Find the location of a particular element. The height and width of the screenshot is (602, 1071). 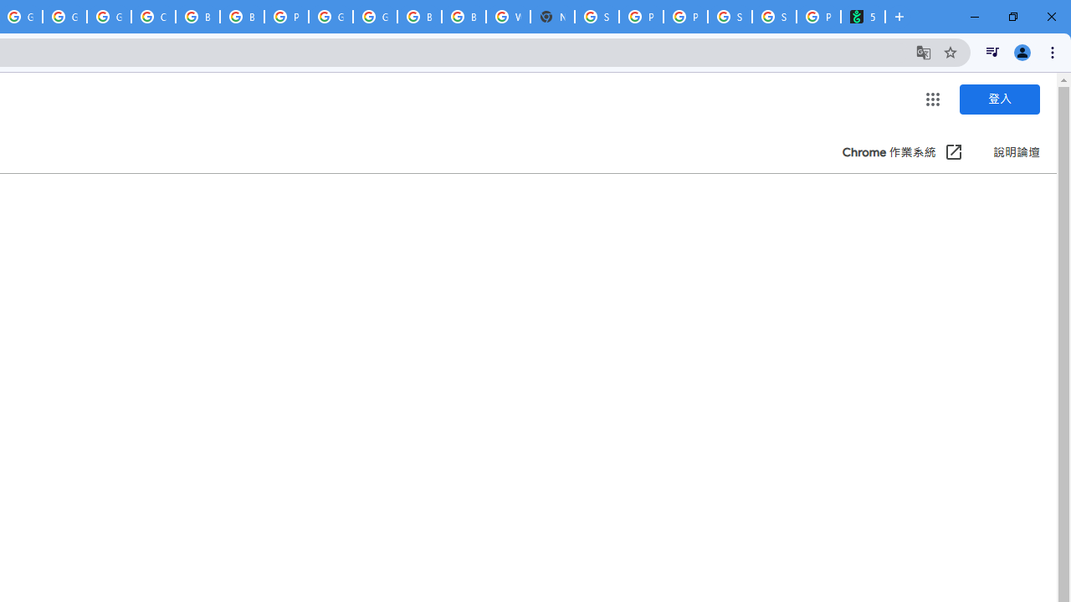

'Translate this page' is located at coordinates (923, 51).